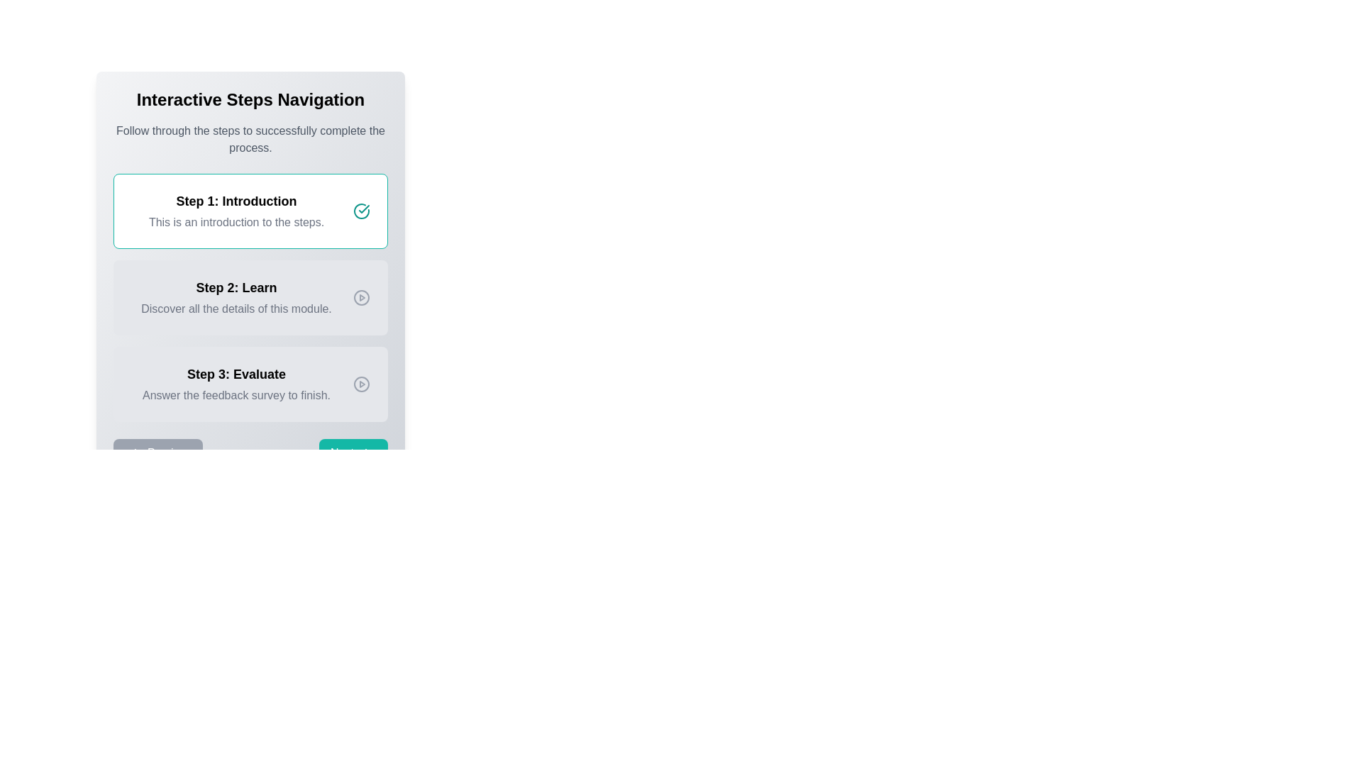  What do you see at coordinates (236, 374) in the screenshot?
I see `the text label reading 'Step 3: Evaluate', which is styled in large bold black font on a light gray background and is the third entry in a list of step descriptions` at bounding box center [236, 374].